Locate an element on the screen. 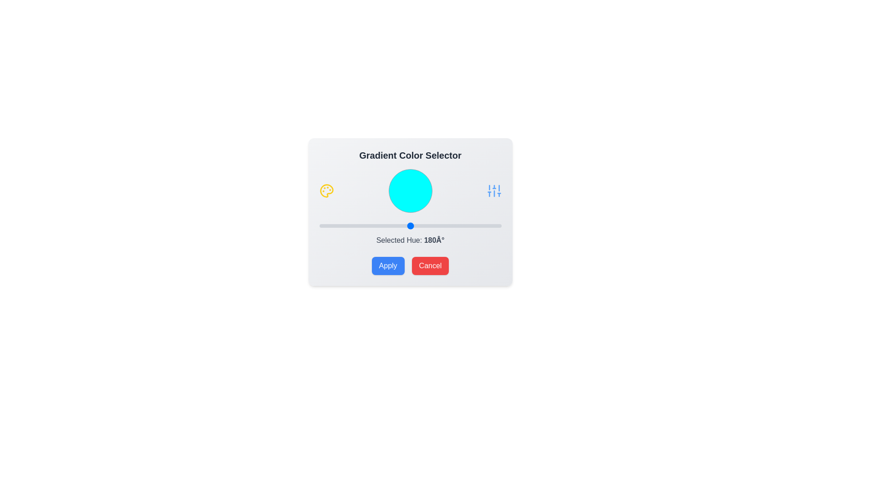 This screenshot has height=491, width=874. the slider to set the hue value to 300° is located at coordinates (471, 225).